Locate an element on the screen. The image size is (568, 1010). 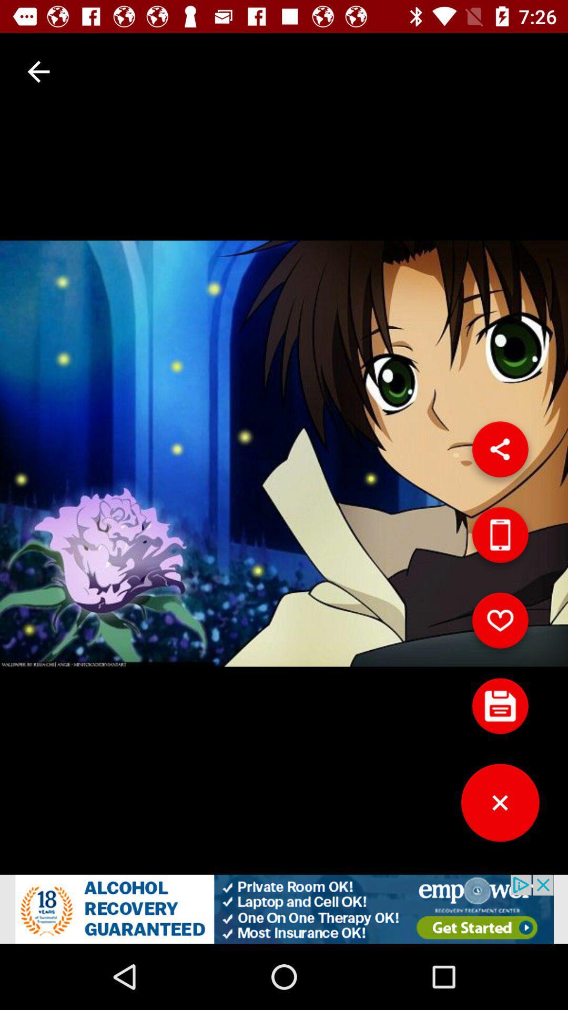
selfe button is located at coordinates (500, 539).